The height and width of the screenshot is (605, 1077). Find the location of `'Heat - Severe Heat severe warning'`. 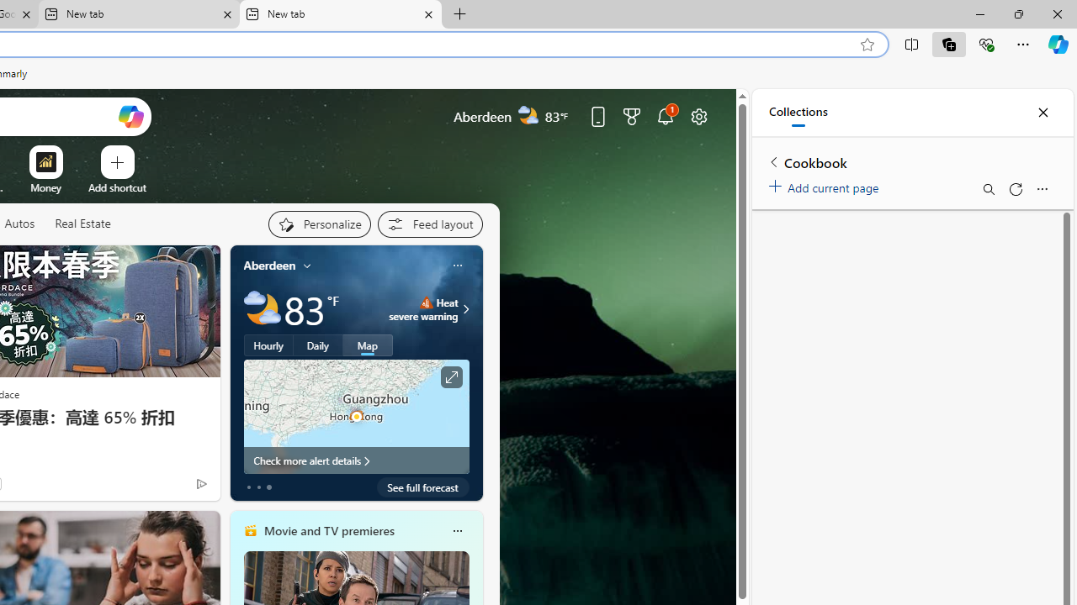

'Heat - Severe Heat severe warning' is located at coordinates (423, 308).